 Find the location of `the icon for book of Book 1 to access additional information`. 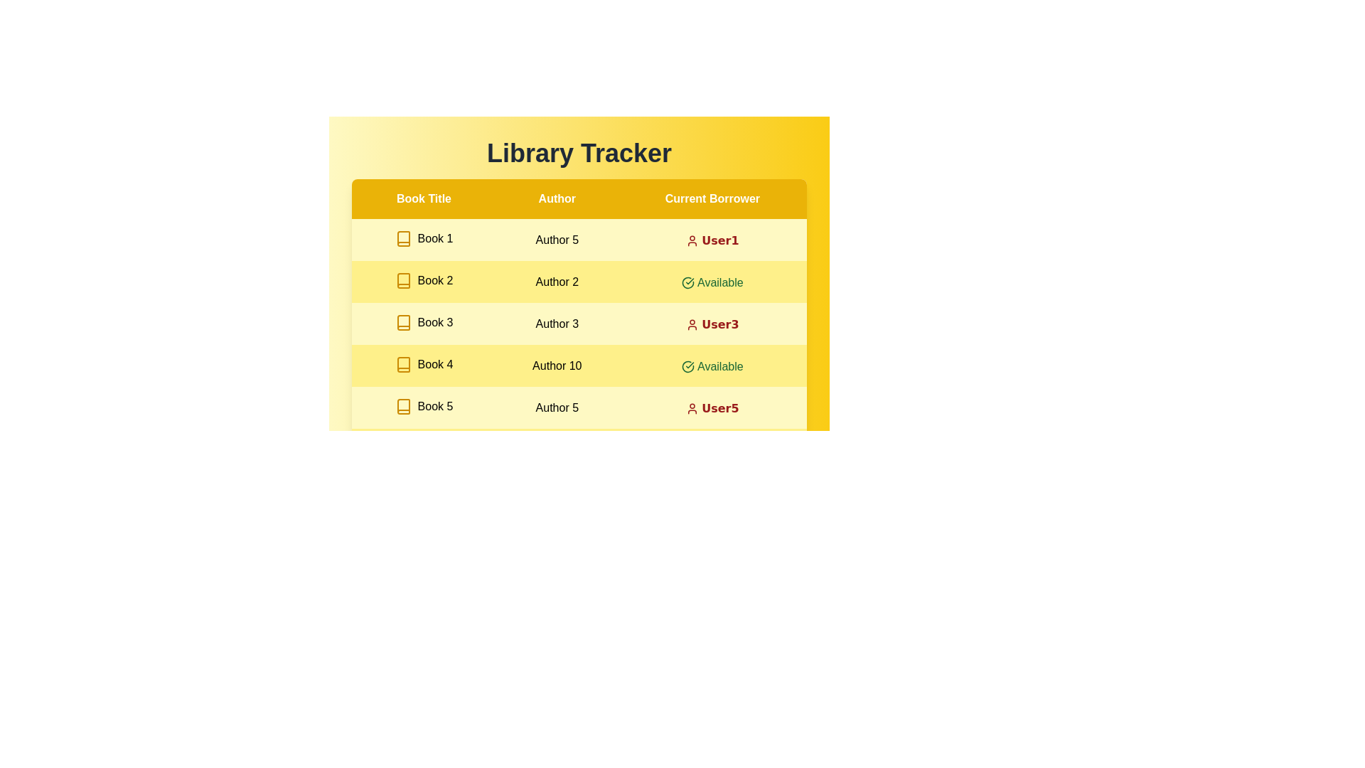

the icon for book of Book 1 to access additional information is located at coordinates (402, 238).